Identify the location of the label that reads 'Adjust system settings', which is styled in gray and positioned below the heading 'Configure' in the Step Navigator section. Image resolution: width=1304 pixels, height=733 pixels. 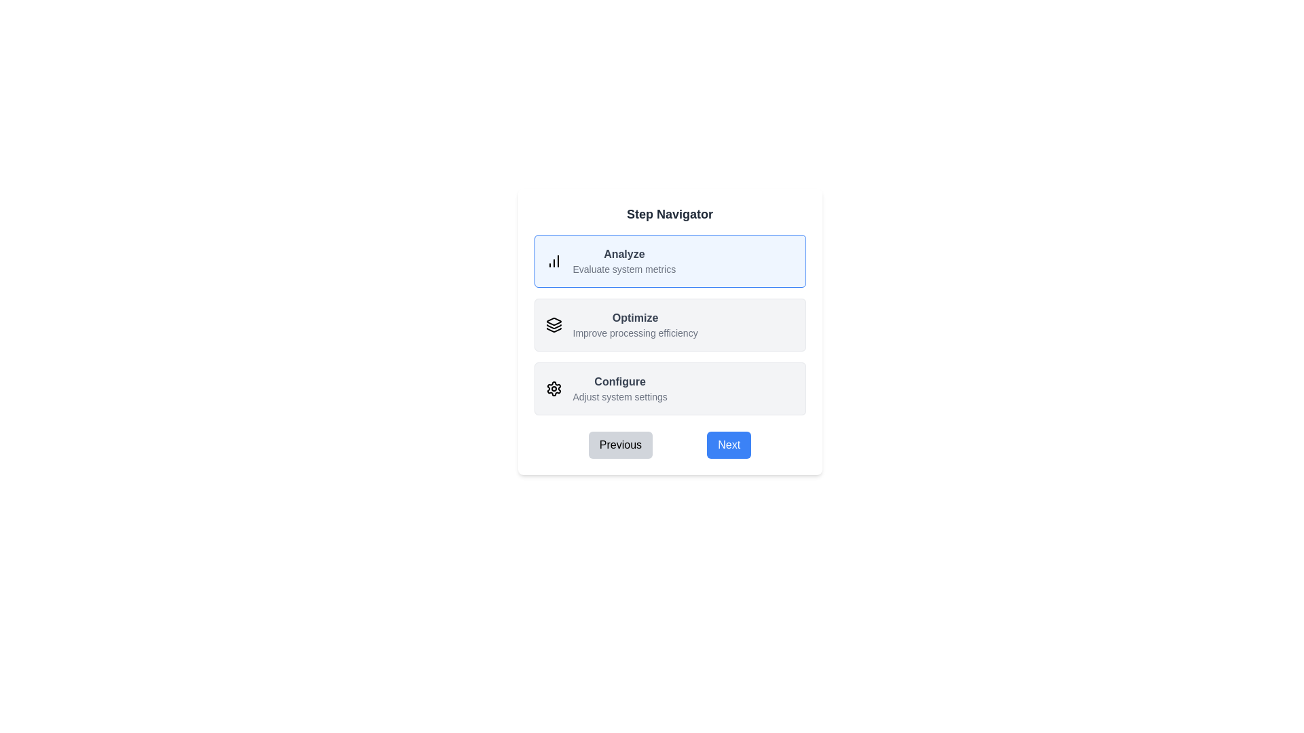
(619, 397).